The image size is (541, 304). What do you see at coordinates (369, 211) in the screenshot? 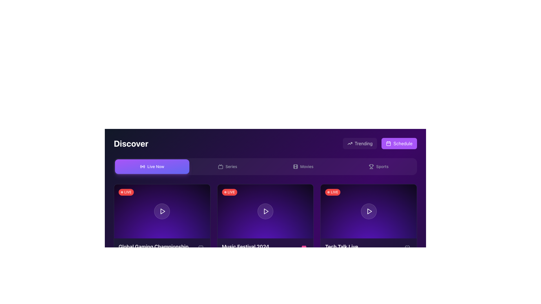
I see `the button located` at bounding box center [369, 211].